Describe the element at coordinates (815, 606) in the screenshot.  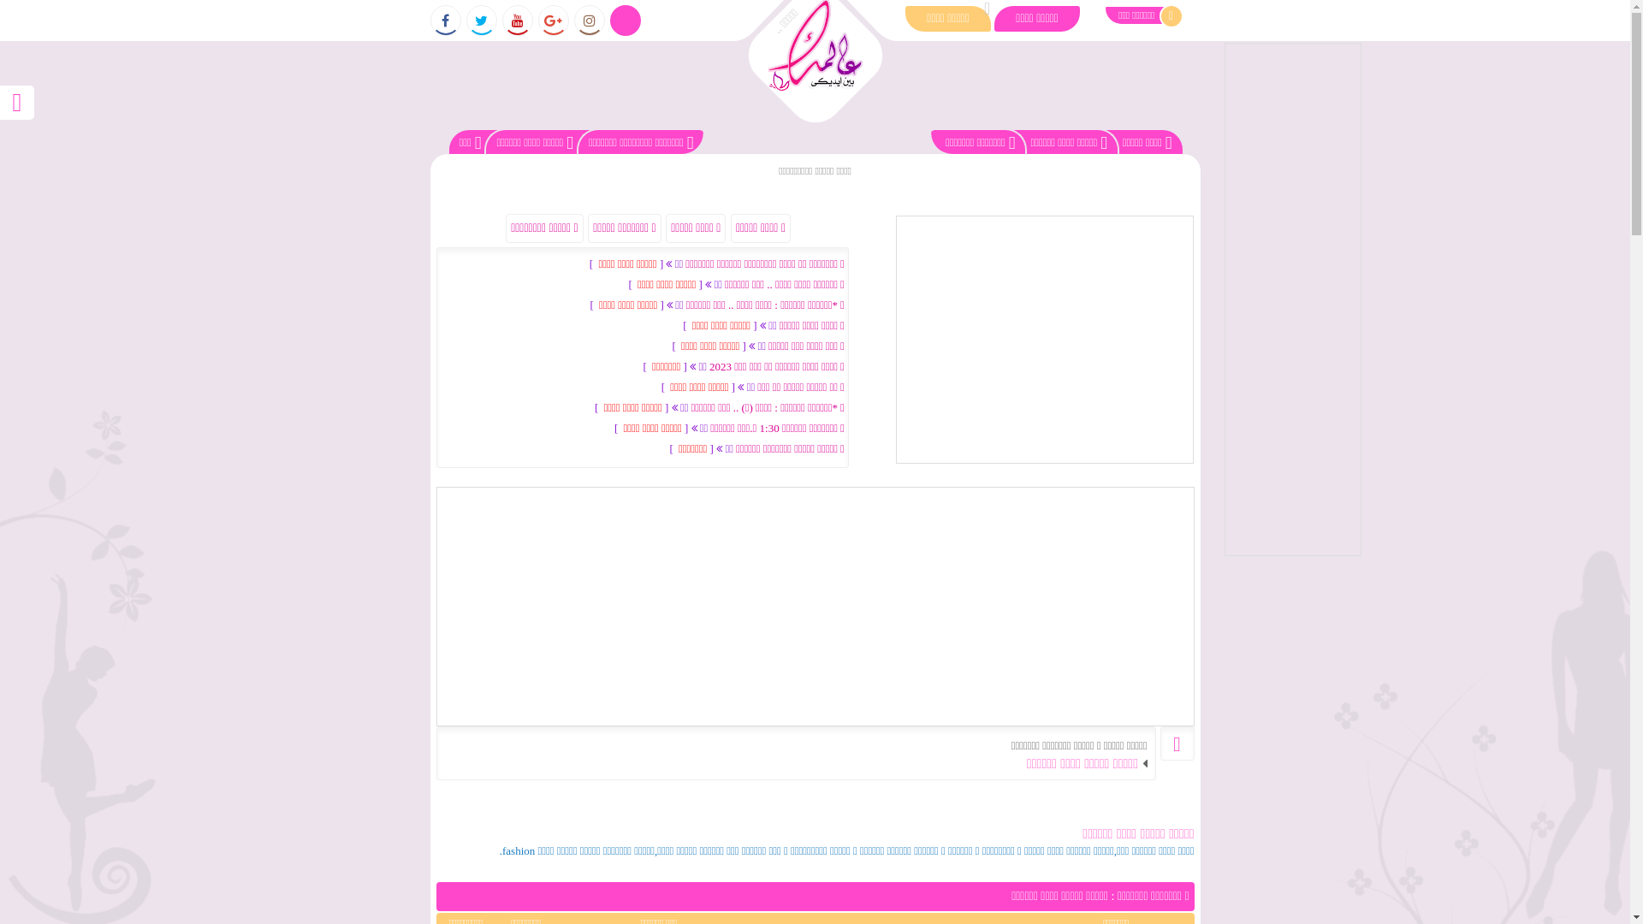
I see `'Advertisement'` at that location.